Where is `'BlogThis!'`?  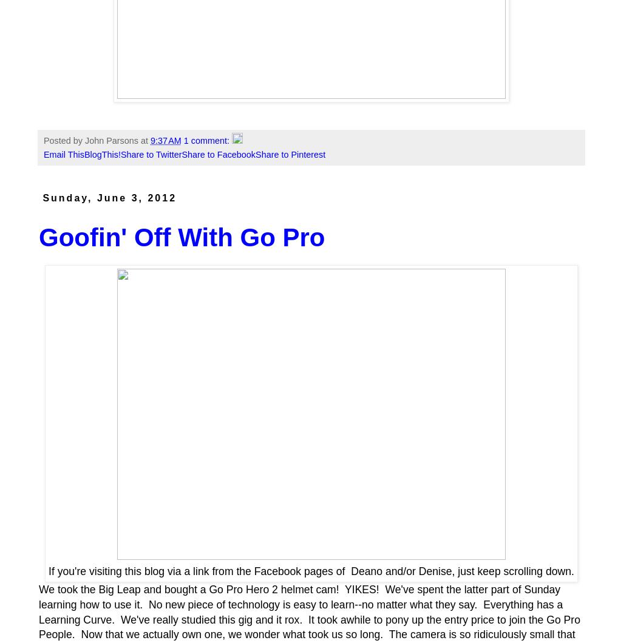 'BlogThis!' is located at coordinates (101, 154).